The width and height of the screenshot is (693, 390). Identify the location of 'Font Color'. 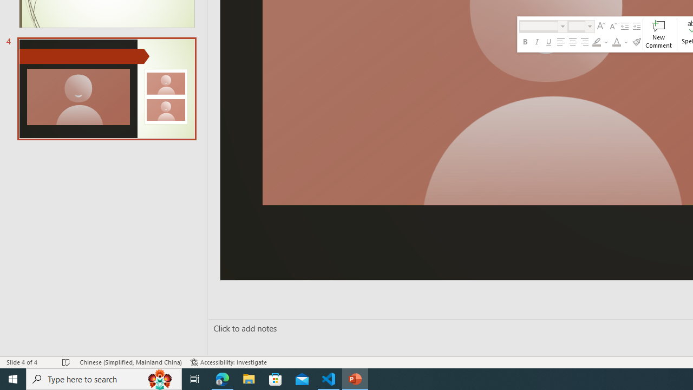
(620, 42).